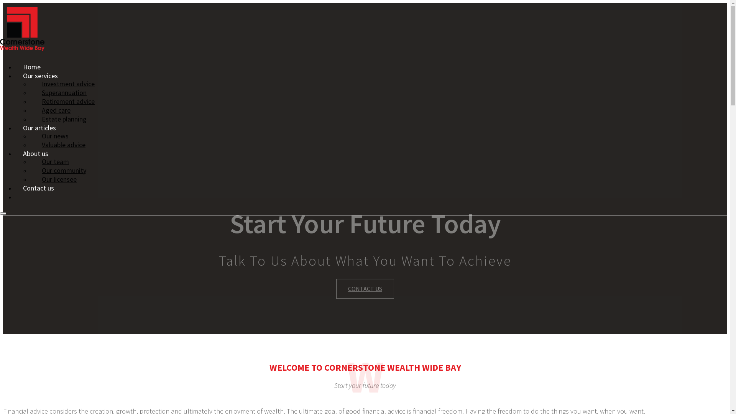 The image size is (736, 414). Describe the element at coordinates (39, 127) in the screenshot. I see `'Our articles'` at that location.